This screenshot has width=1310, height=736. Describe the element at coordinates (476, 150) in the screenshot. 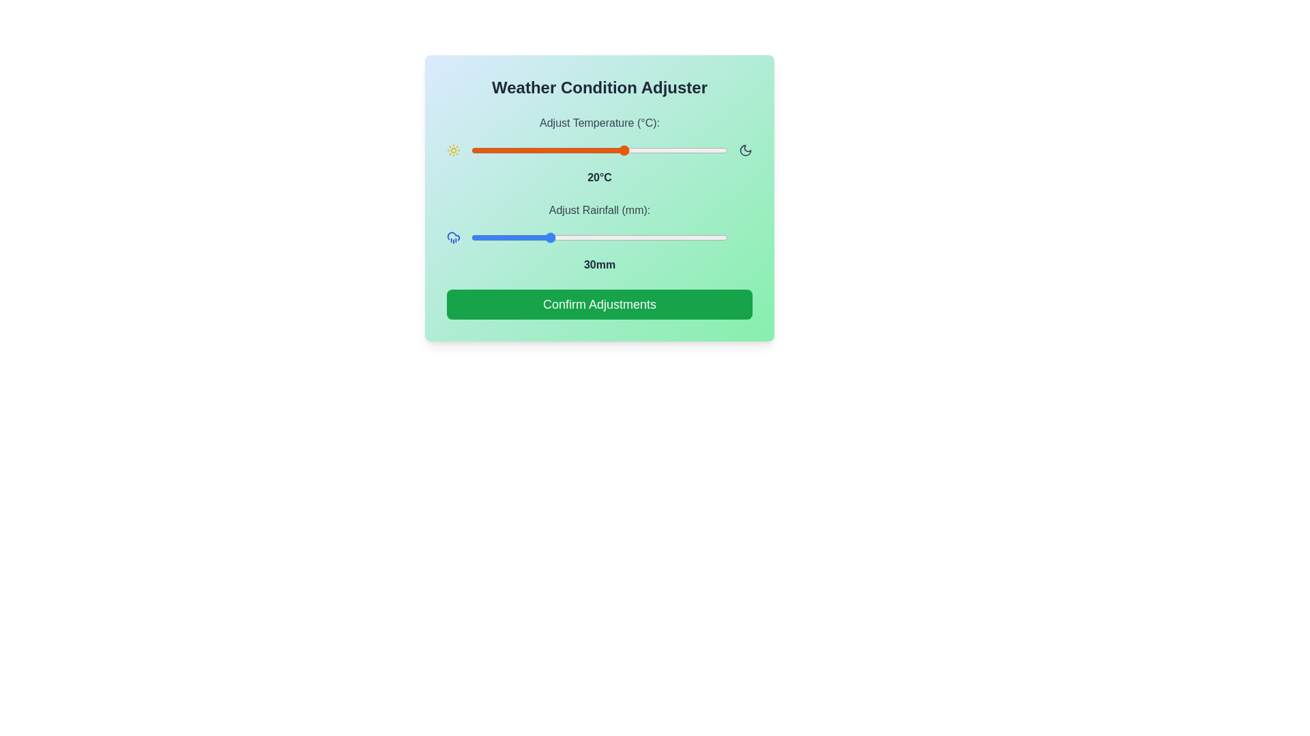

I see `the temperature to -9°C using the slider` at that location.